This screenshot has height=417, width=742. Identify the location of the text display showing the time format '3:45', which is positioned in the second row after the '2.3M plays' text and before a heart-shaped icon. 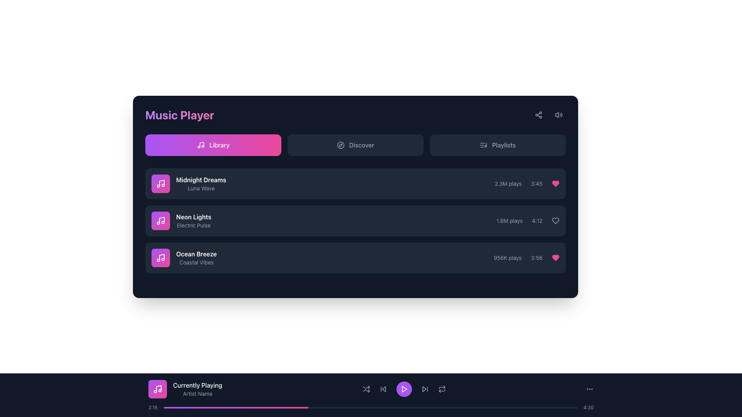
(536, 183).